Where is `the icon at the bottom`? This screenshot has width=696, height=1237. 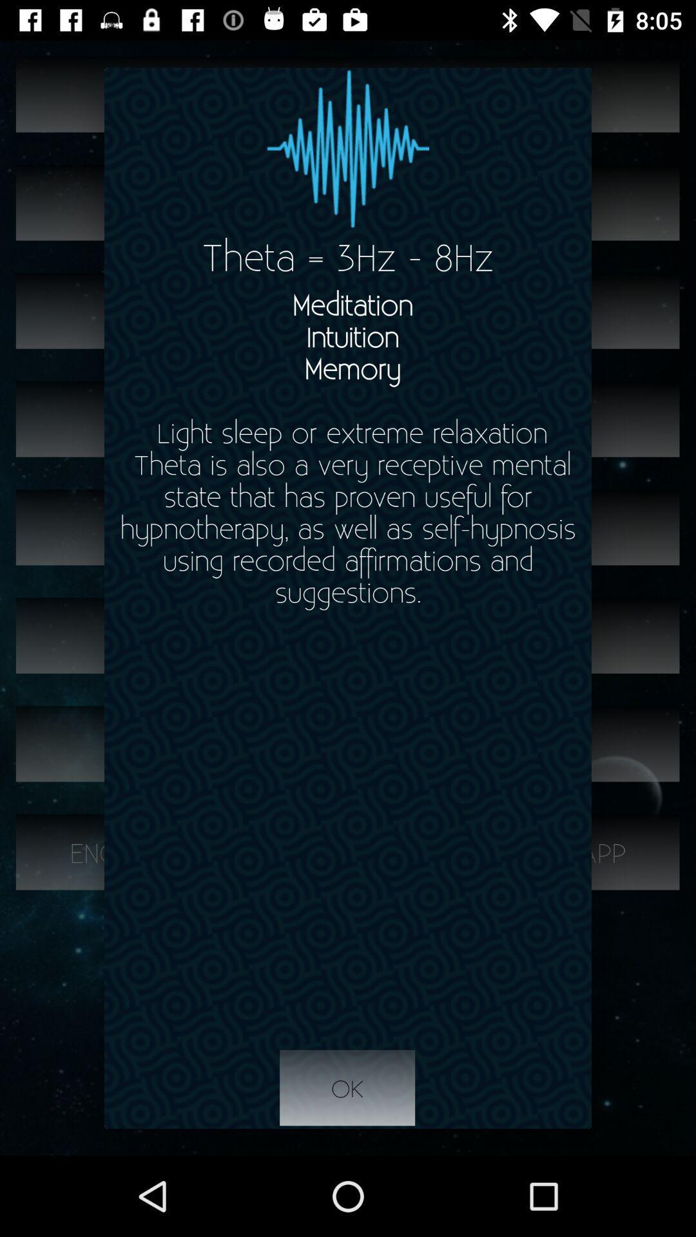 the icon at the bottom is located at coordinates (347, 1088).